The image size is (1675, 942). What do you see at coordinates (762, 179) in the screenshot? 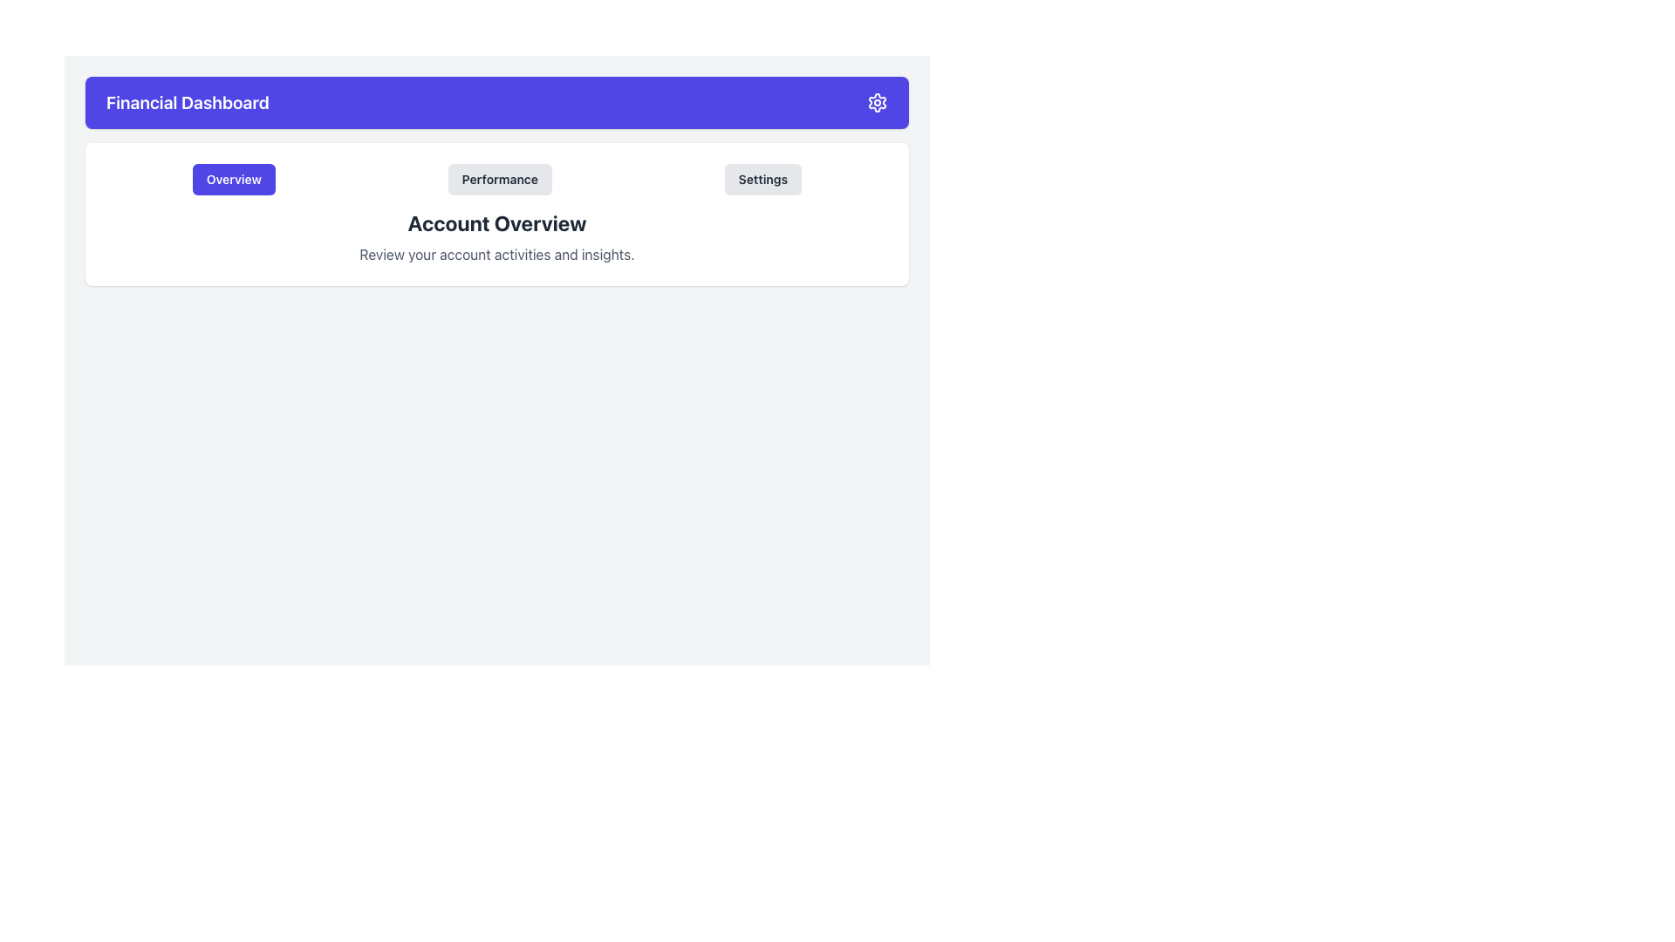
I see `the 'Settings' navigation button located at the far right of the horizontal group of three buttons for keyboard navigation` at bounding box center [762, 179].